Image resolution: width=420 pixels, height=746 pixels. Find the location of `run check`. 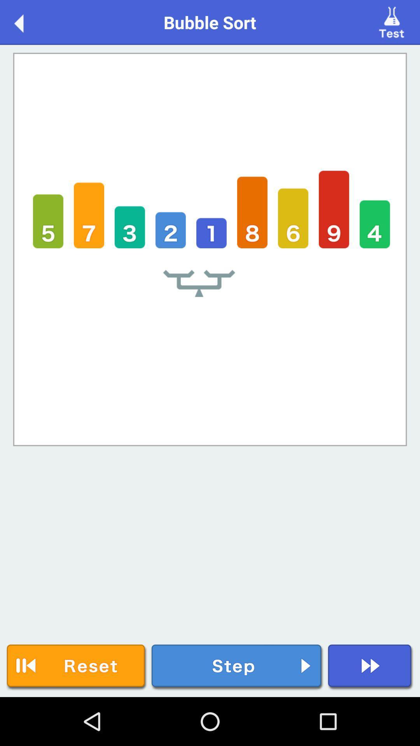

run check is located at coordinates (393, 22).